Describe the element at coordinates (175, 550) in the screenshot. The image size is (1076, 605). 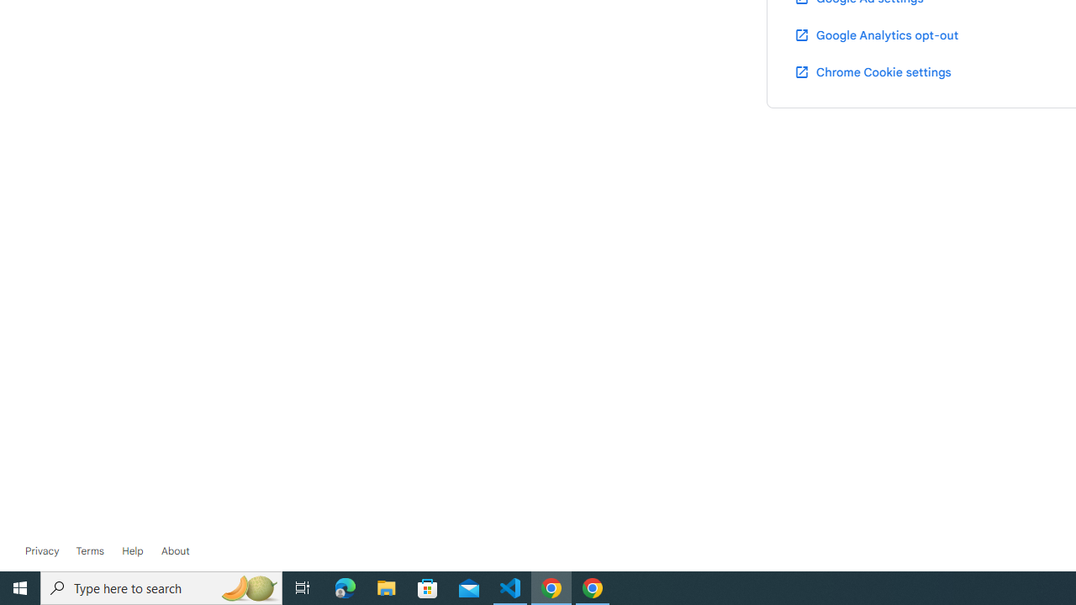
I see `'Learn more about Google Account'` at that location.